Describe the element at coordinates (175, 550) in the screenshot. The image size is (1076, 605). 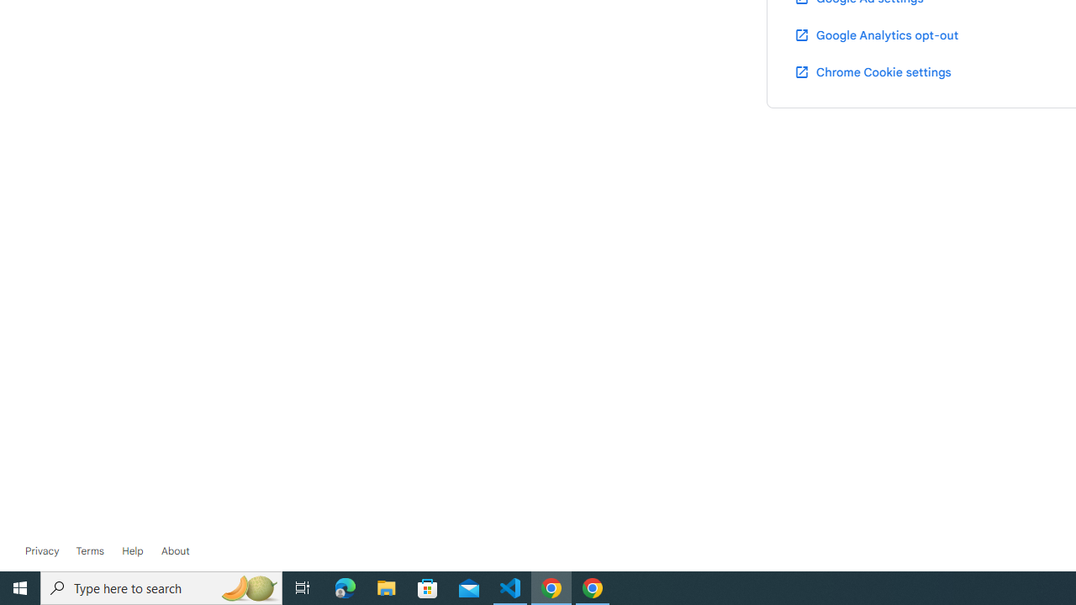
I see `'Learn more about Google Account'` at that location.